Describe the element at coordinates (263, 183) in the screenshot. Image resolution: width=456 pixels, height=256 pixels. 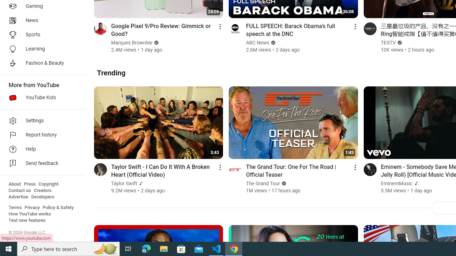
I see `'The Grand Tour'` at that location.